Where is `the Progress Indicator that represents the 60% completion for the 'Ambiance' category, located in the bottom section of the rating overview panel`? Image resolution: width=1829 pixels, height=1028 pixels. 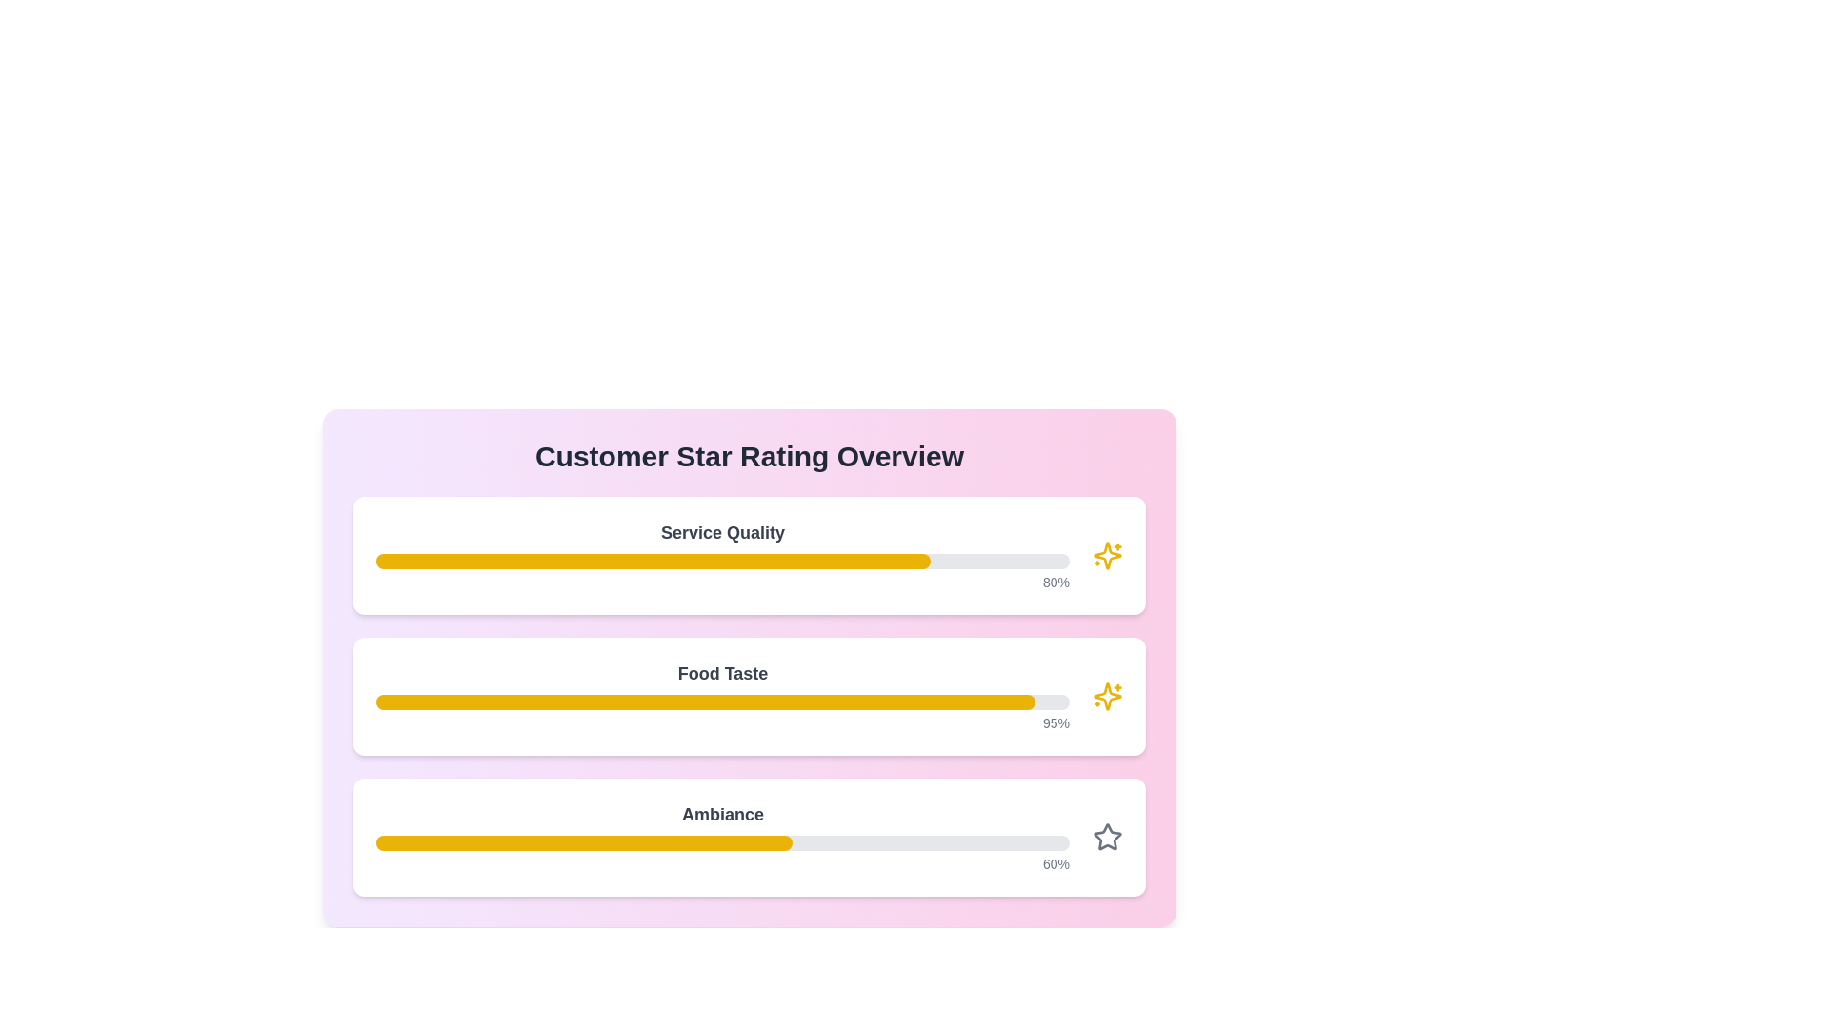 the Progress Indicator that represents the 60% completion for the 'Ambiance' category, located in the bottom section of the rating overview panel is located at coordinates (583, 842).